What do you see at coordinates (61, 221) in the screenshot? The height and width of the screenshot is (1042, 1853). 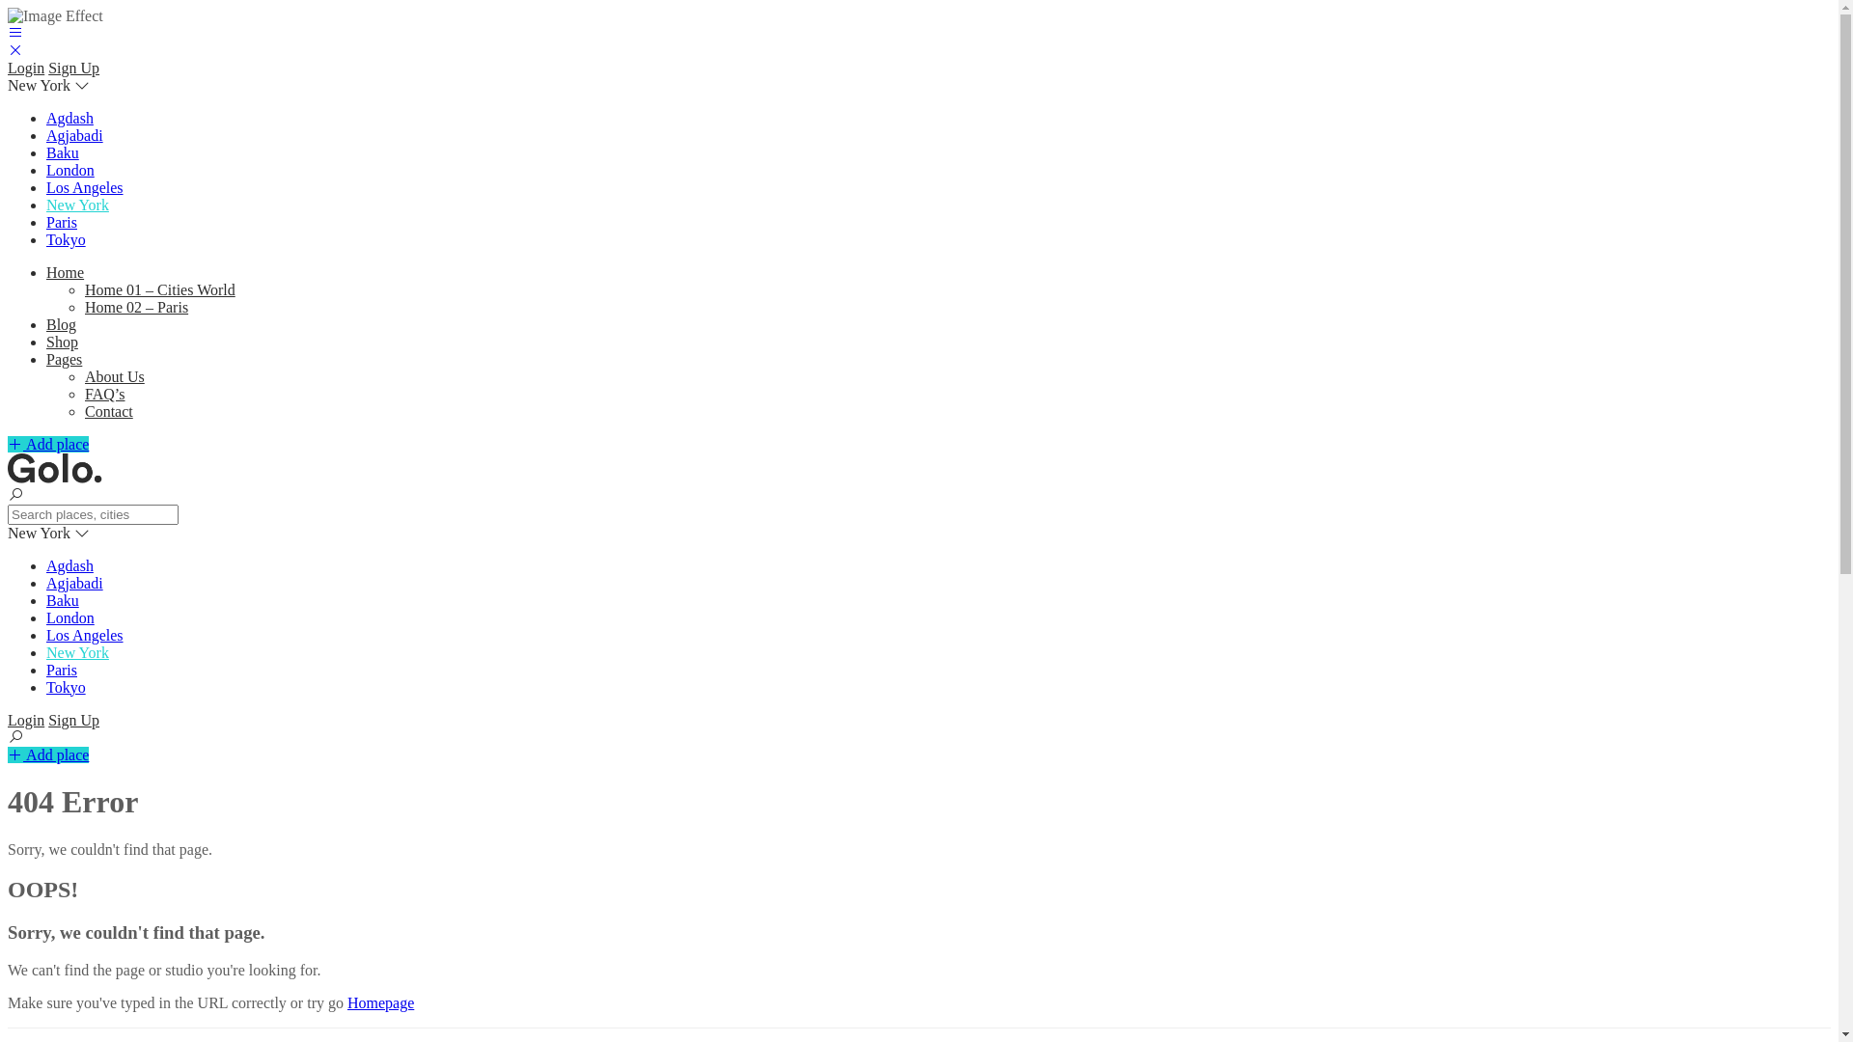 I see `'Paris'` at bounding box center [61, 221].